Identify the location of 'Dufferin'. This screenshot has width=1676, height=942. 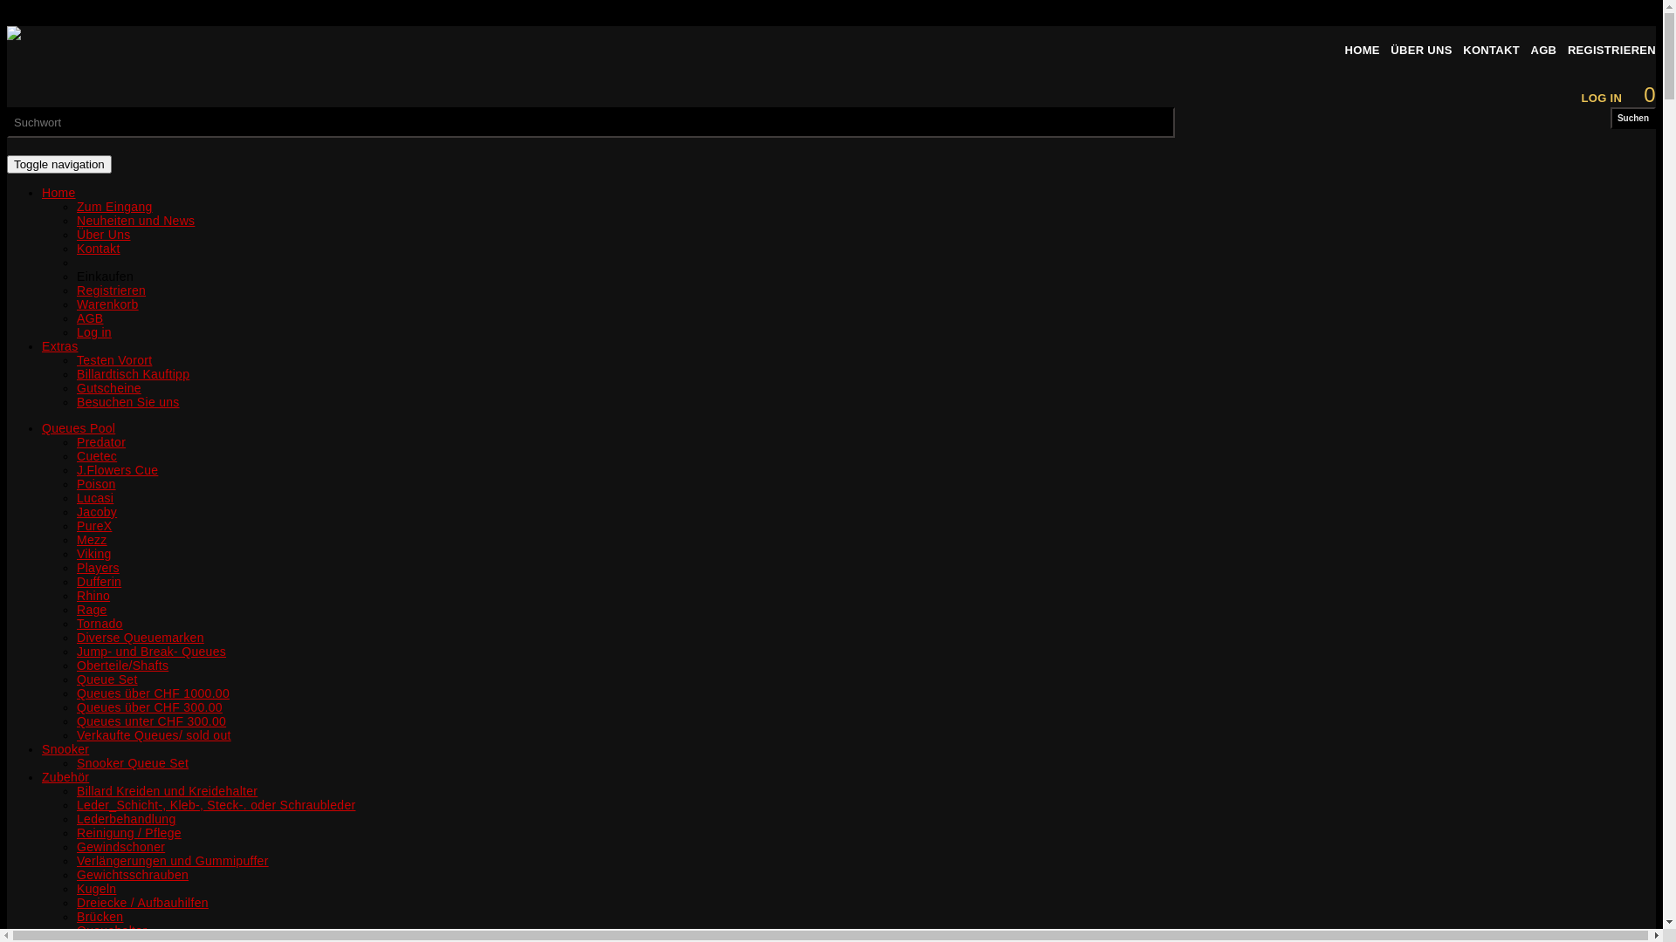
(98, 582).